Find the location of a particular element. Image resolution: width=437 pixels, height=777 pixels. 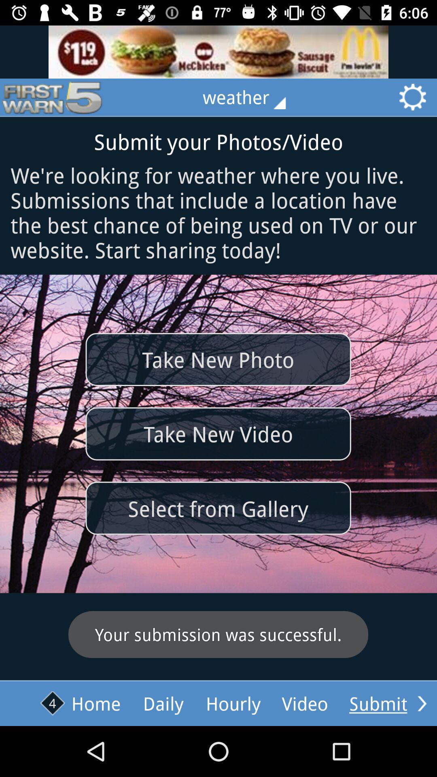

advertisement is located at coordinates (218, 51).